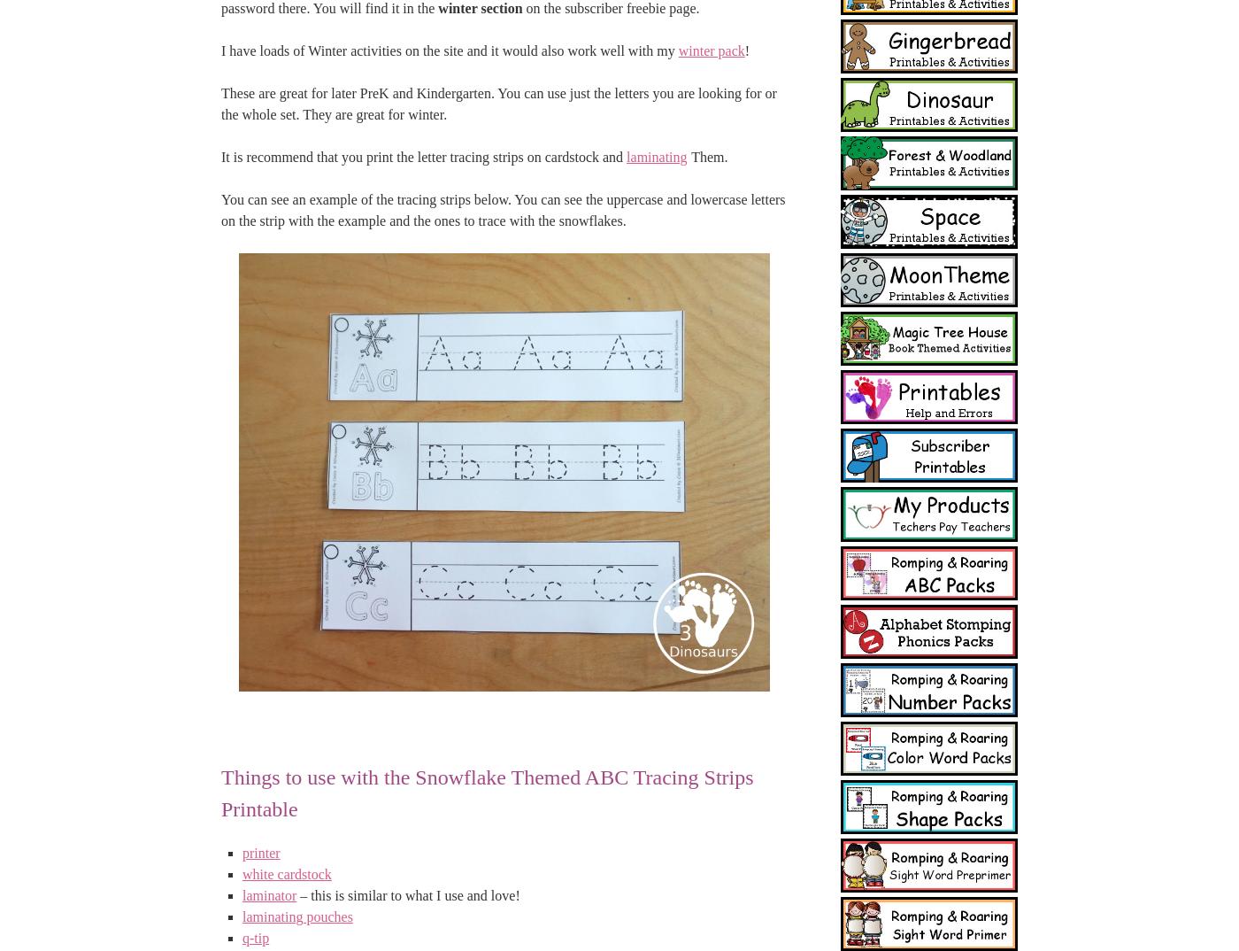  I want to click on 'winter pack', so click(711, 50).